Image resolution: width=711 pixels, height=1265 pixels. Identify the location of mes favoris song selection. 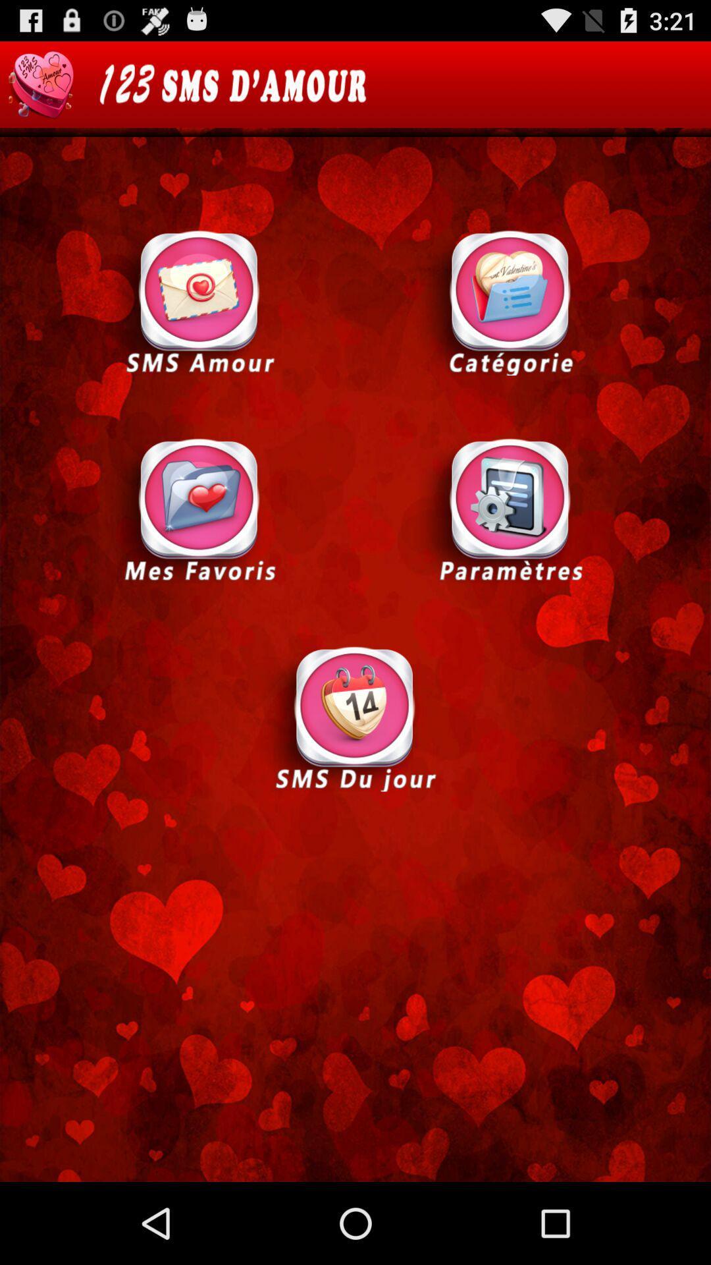
(199, 509).